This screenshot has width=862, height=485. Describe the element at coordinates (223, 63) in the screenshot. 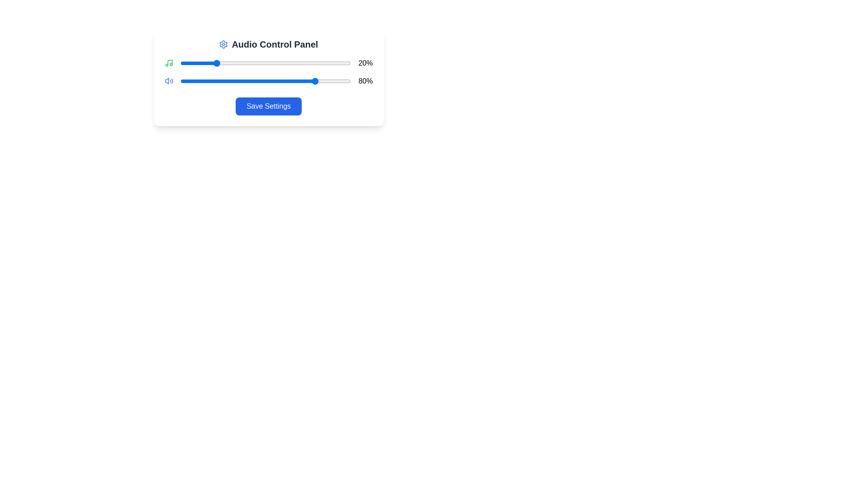

I see `the first volume slider to 25%` at that location.